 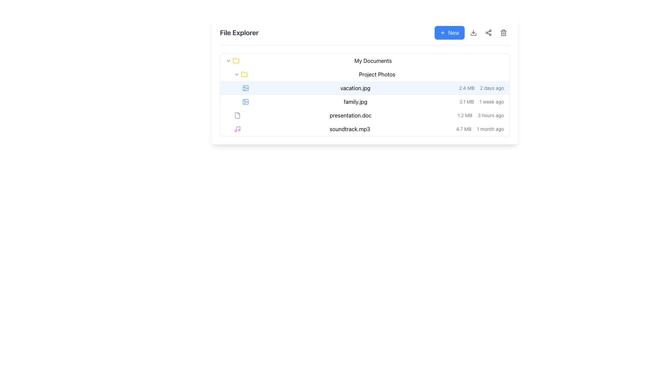 I want to click on the static text display that shows the file size '1.2 MB' located to the right of 'presentation.doc' and to the left of the timestamp '3 hours ago', so click(x=465, y=115).